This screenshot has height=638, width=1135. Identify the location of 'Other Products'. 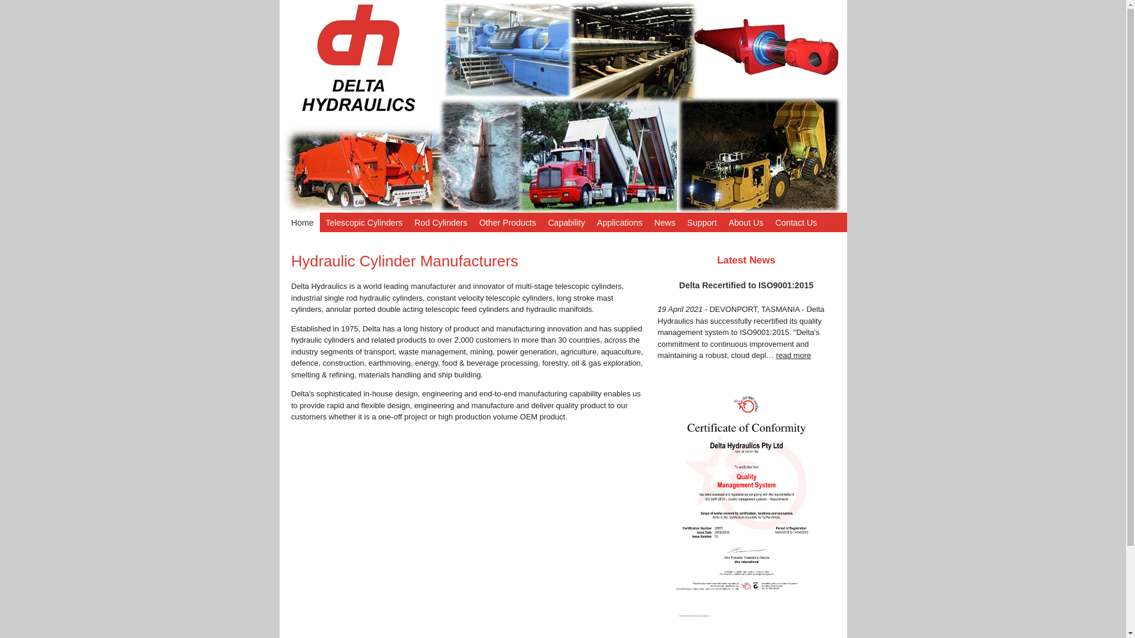
(474, 222).